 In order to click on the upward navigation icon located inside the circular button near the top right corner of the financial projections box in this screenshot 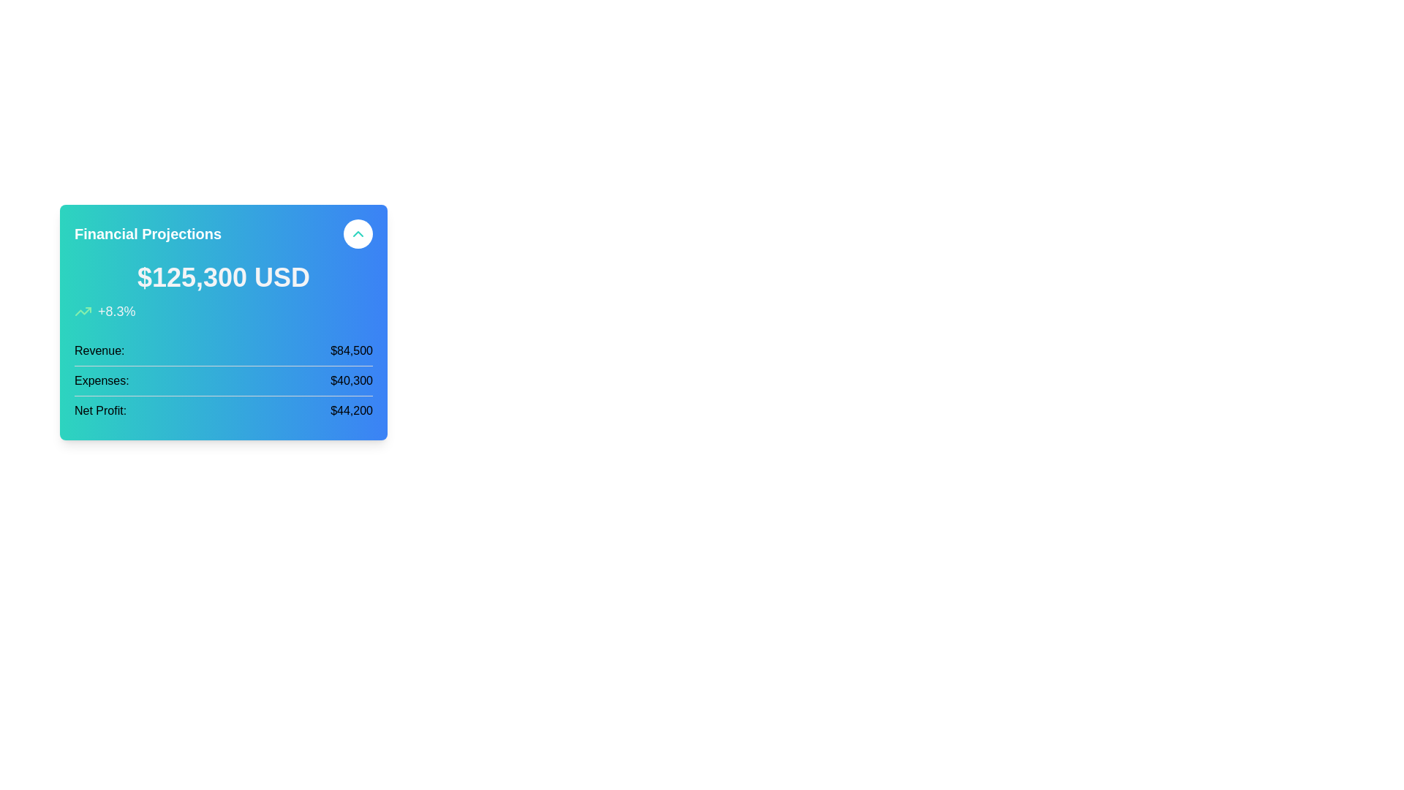, I will do `click(358, 233)`.